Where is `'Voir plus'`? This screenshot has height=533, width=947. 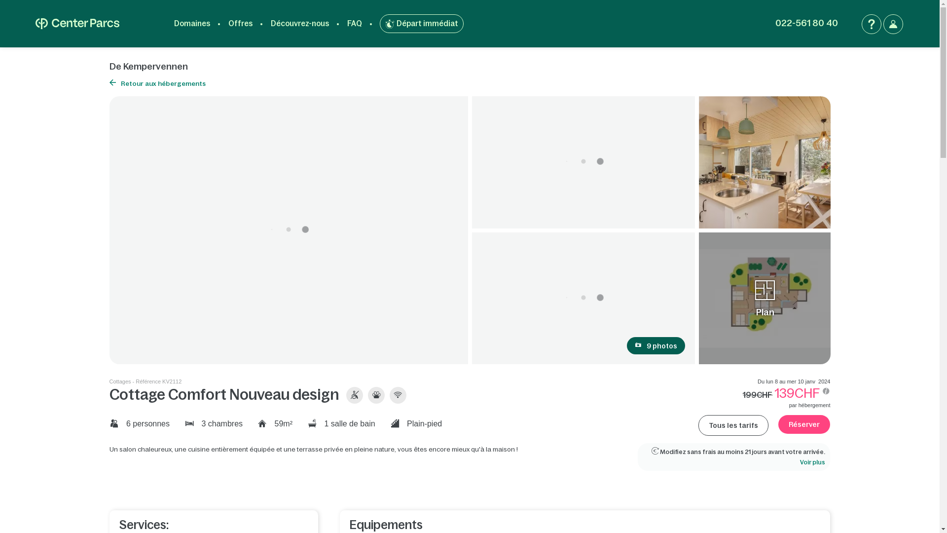 'Voir plus' is located at coordinates (812, 462).